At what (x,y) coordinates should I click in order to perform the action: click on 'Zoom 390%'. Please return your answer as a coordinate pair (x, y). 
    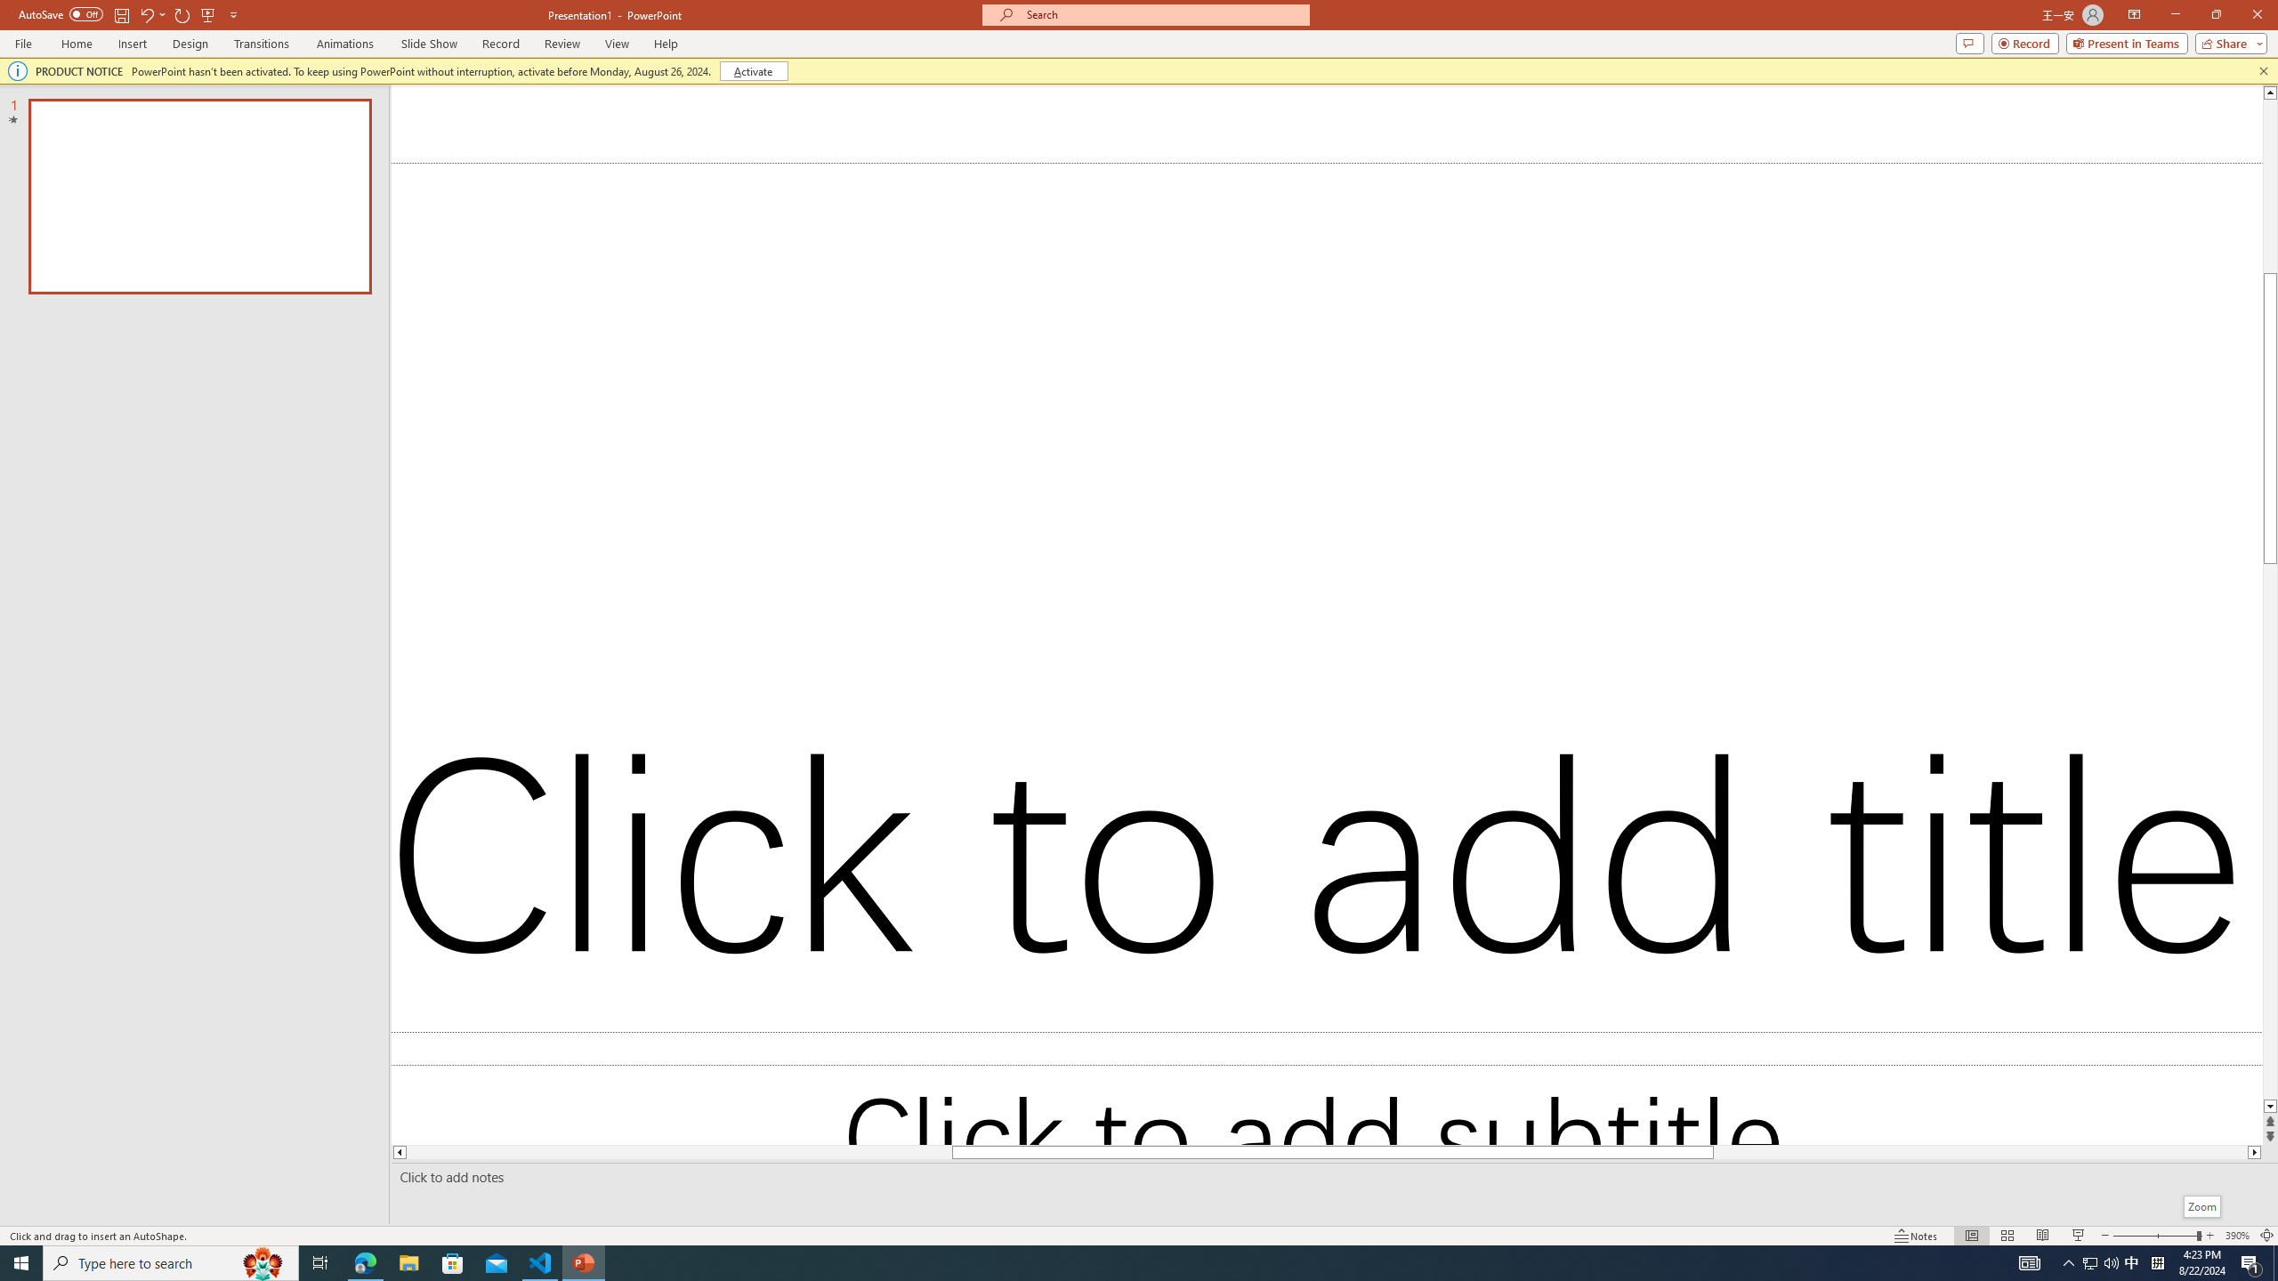
    Looking at the image, I should click on (2238, 1236).